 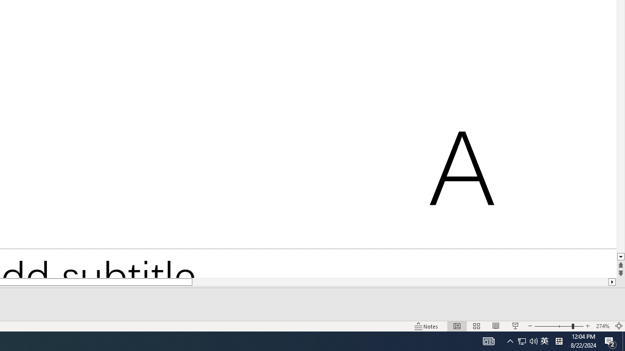 I want to click on 'Zoom 274%', so click(x=602, y=326).